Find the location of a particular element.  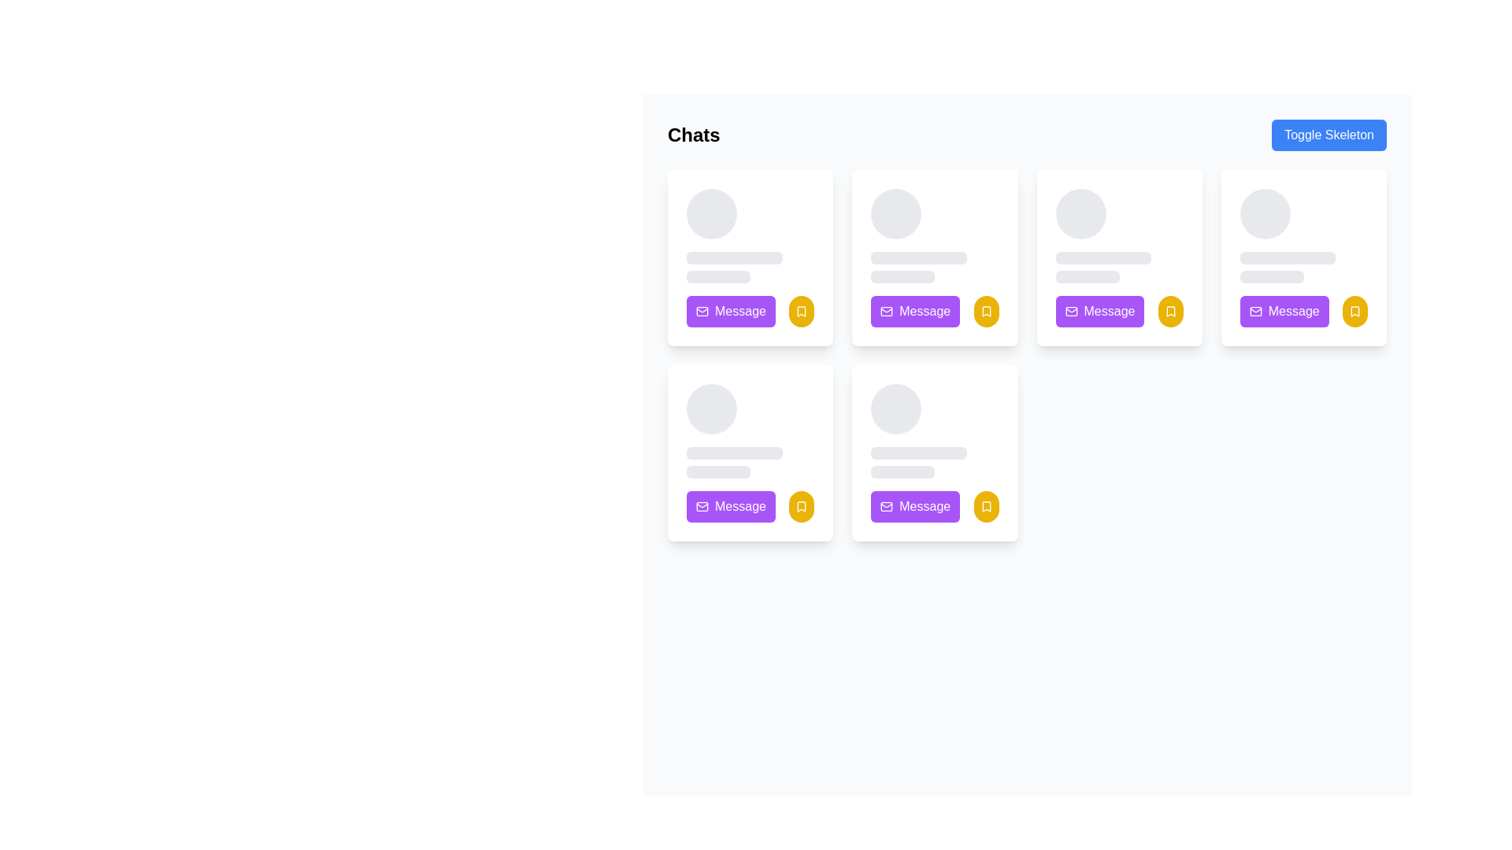

the purple rectangular button labeled 'Message' located in the lower section of the card component in the second column of the top row of cards within the 'Chats' section to initiate an action is located at coordinates (935, 312).